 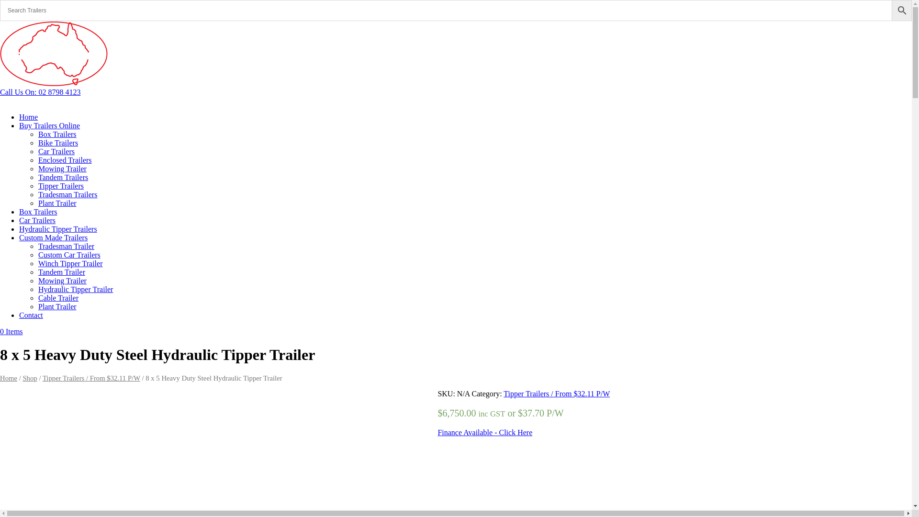 What do you see at coordinates (11, 331) in the screenshot?
I see `'0 Items'` at bounding box center [11, 331].